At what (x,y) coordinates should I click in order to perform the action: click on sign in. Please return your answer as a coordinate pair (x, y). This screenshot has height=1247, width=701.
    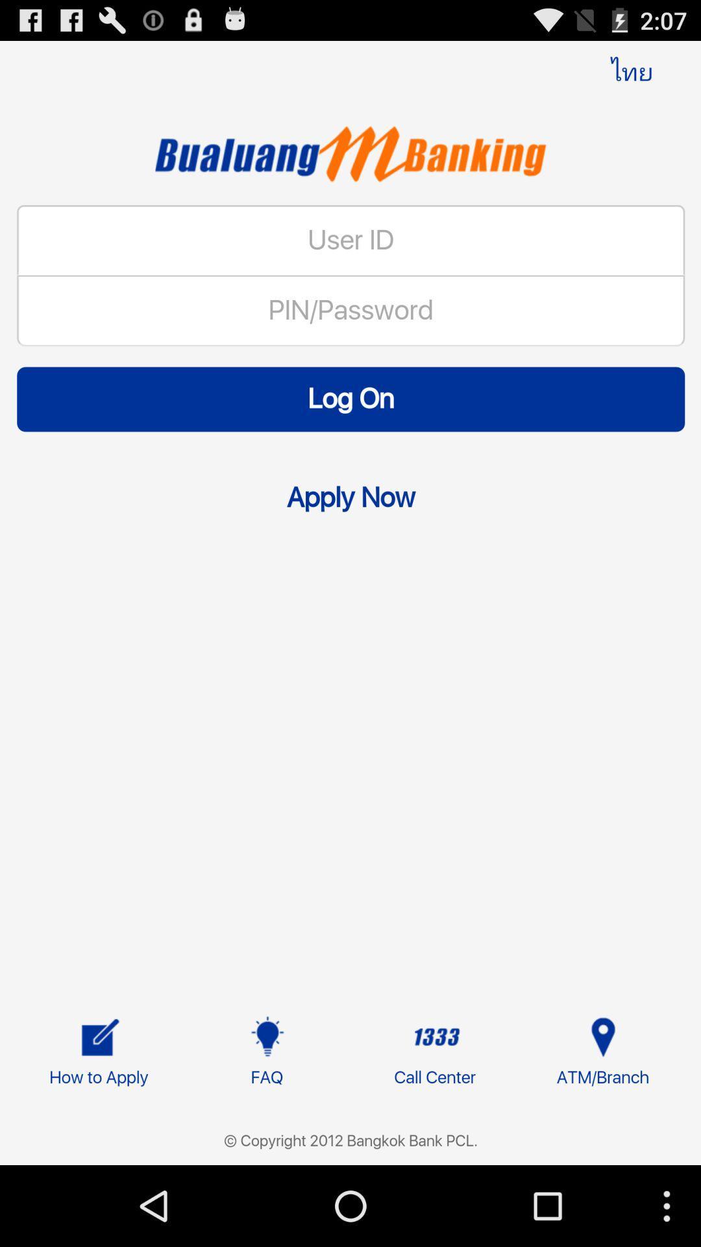
    Looking at the image, I should click on (350, 634).